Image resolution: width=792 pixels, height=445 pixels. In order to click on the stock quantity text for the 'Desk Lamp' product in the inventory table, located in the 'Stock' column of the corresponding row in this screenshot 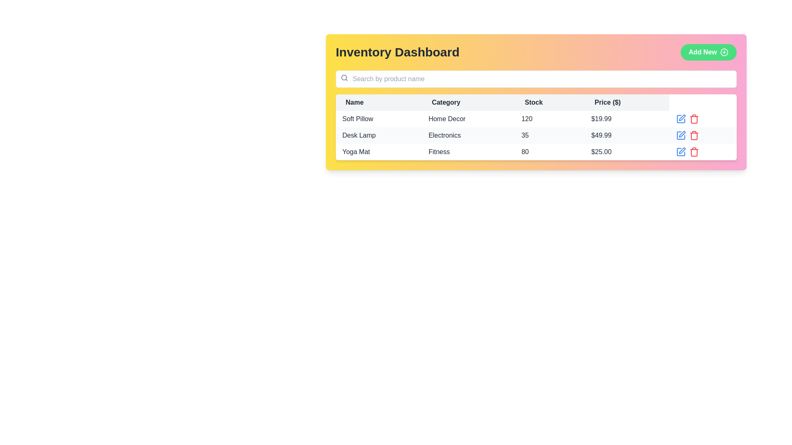, I will do `click(549, 135)`.